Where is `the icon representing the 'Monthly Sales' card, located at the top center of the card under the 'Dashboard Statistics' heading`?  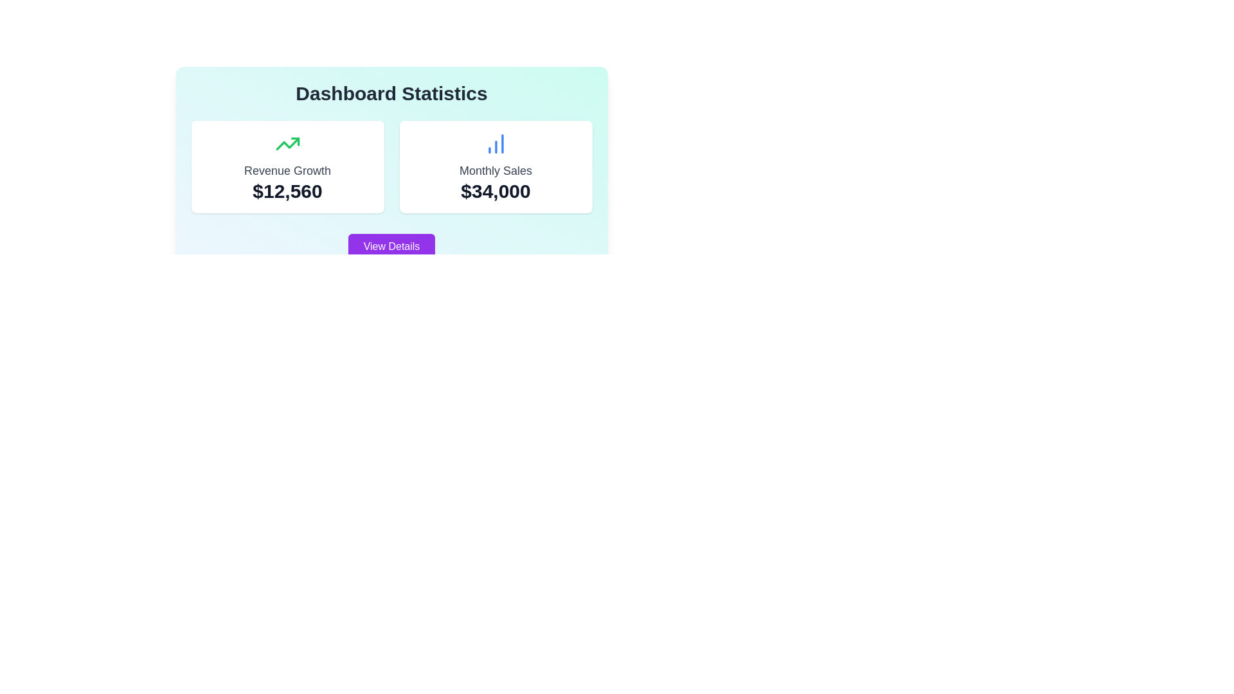
the icon representing the 'Monthly Sales' card, located at the top center of the card under the 'Dashboard Statistics' heading is located at coordinates (495, 143).